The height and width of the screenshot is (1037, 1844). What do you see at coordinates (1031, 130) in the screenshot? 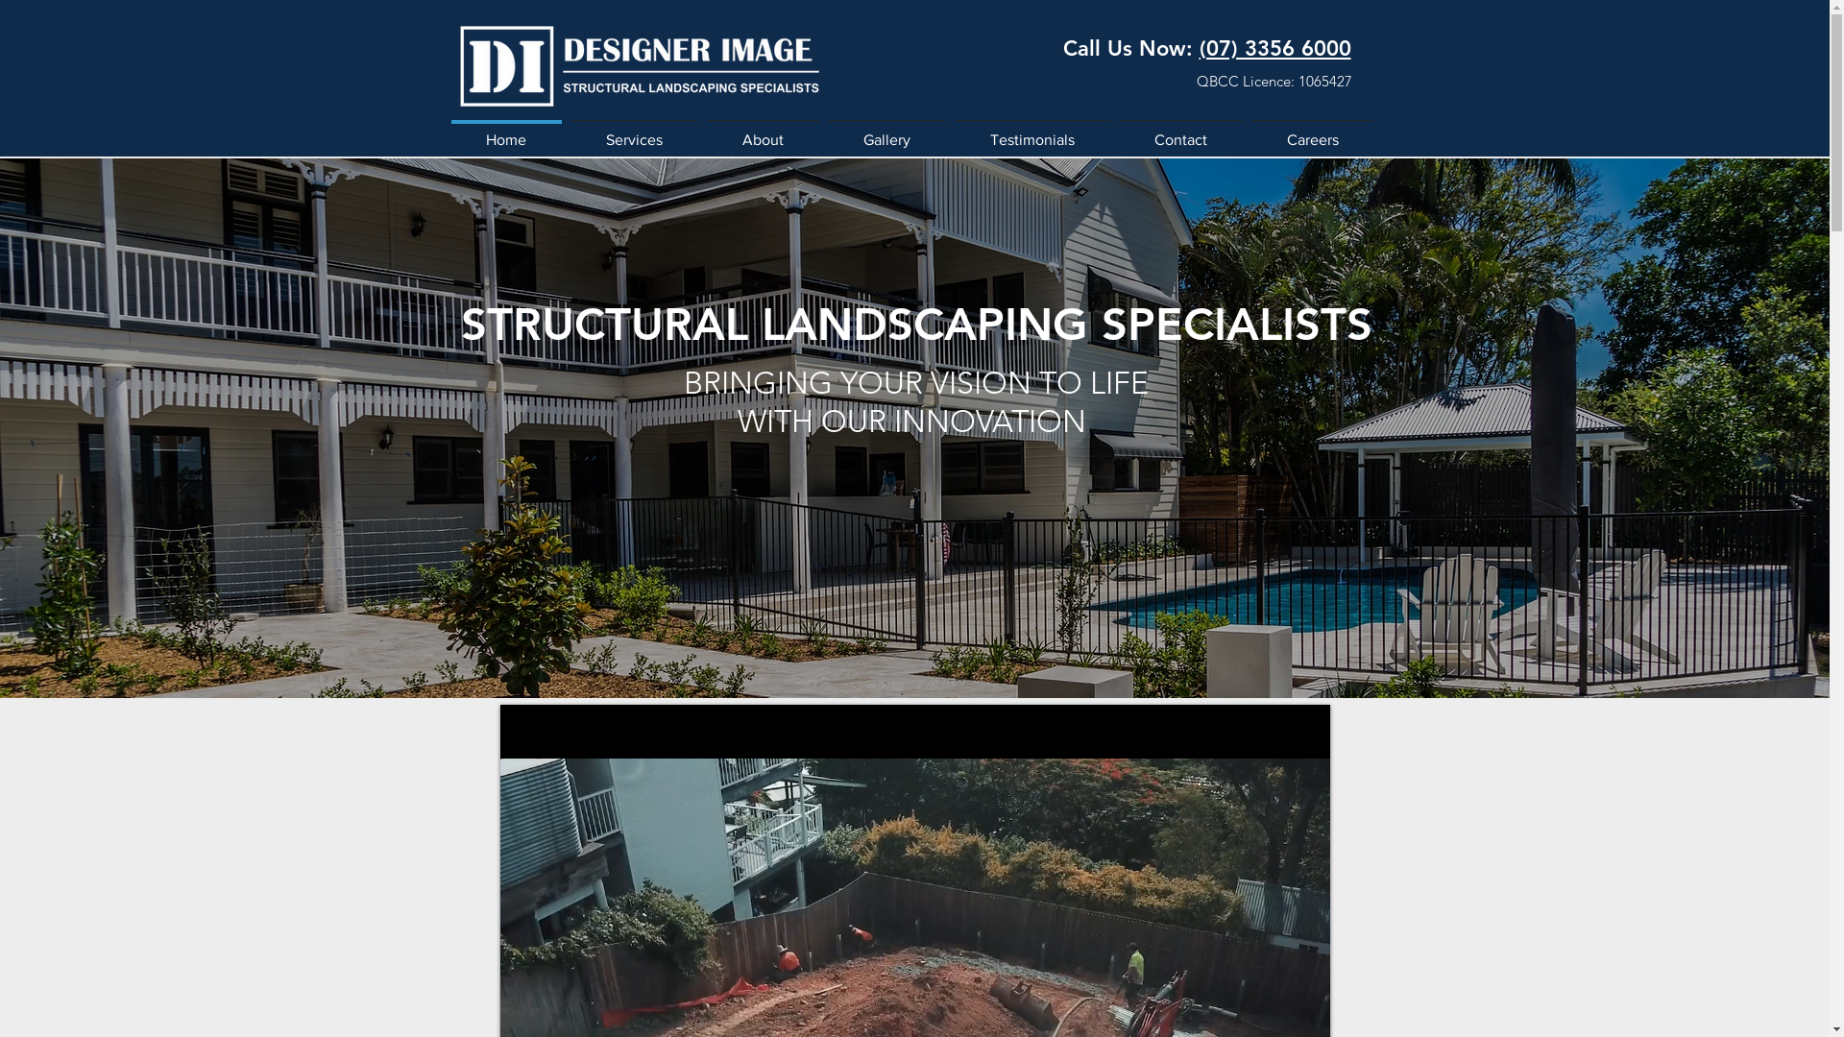
I see `'Testimonials'` at bounding box center [1031, 130].